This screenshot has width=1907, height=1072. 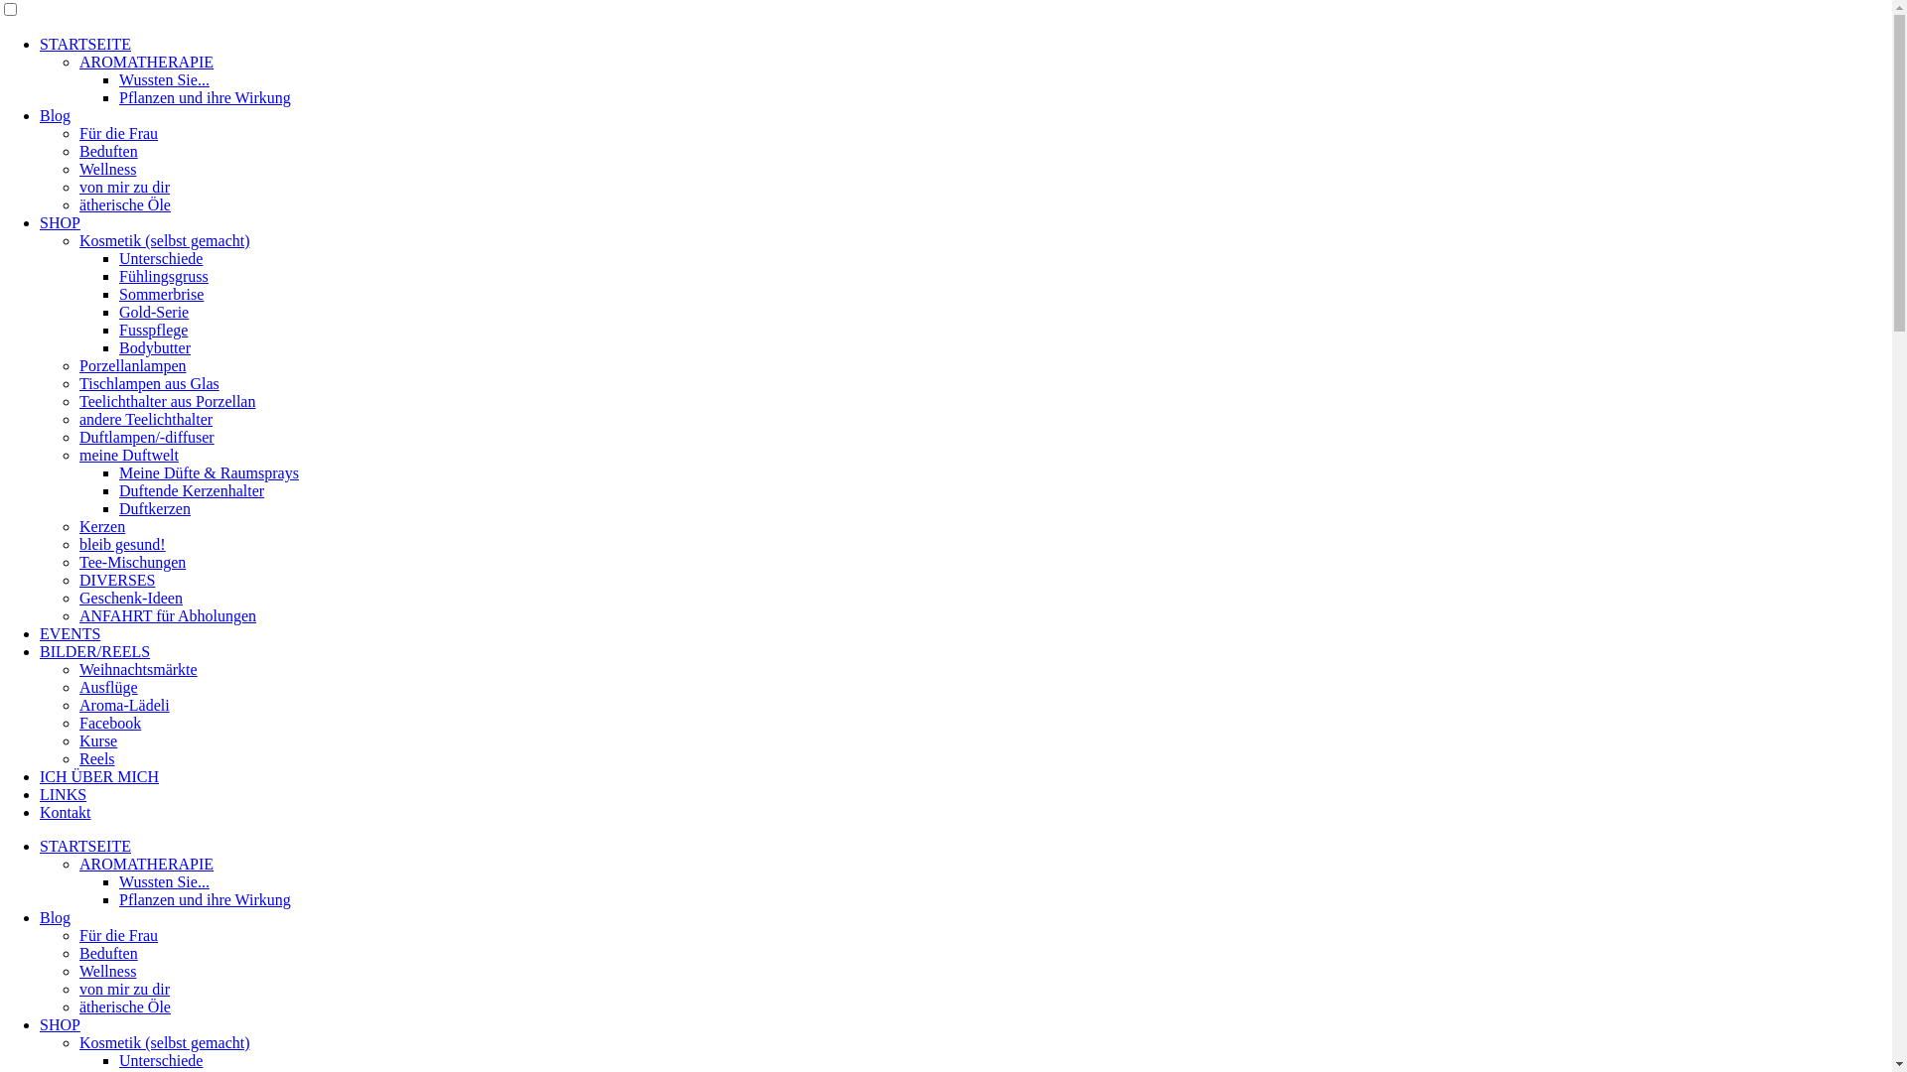 What do you see at coordinates (132, 365) in the screenshot?
I see `'Porzellanlampen'` at bounding box center [132, 365].